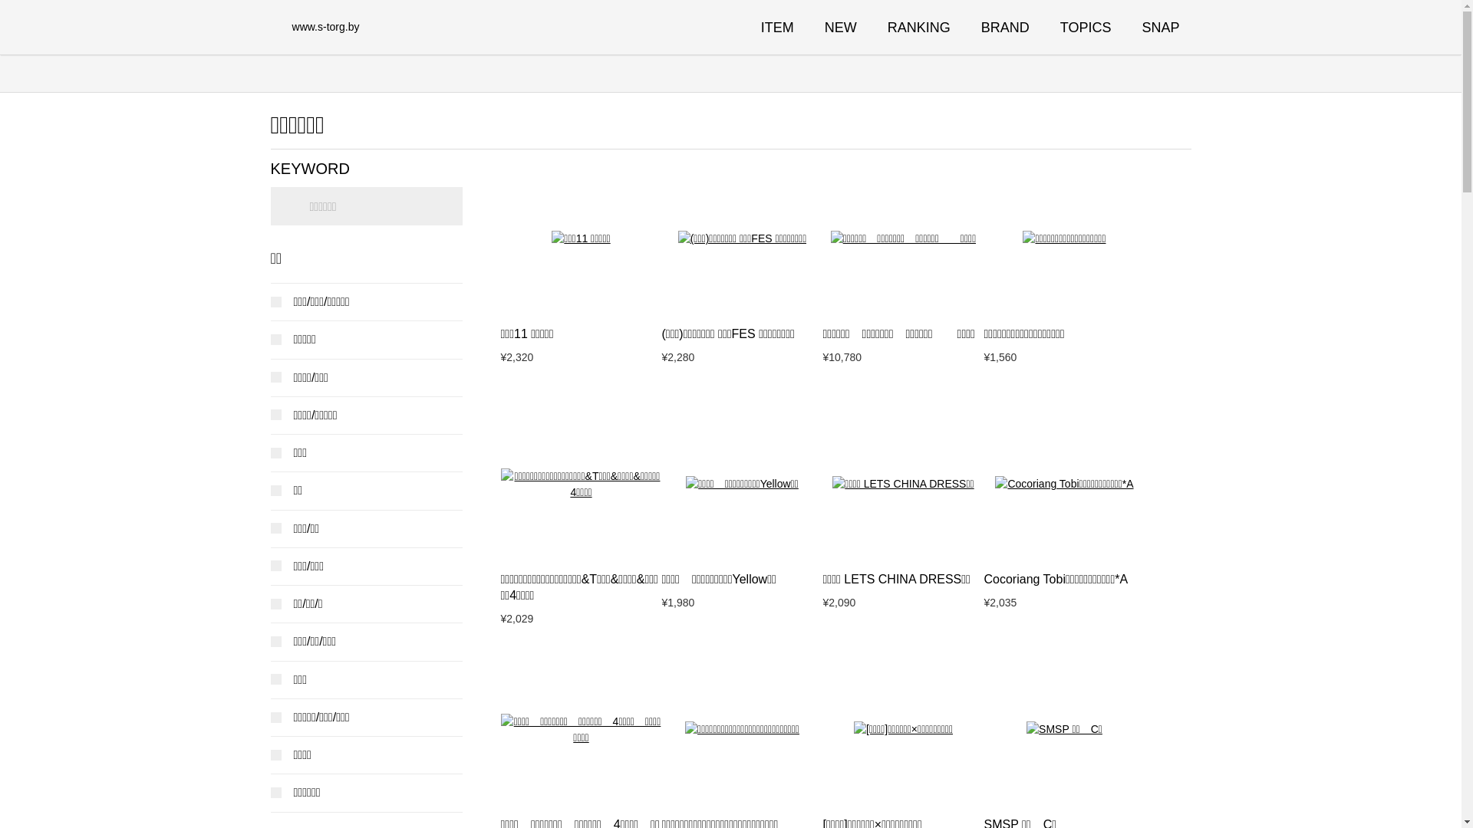 This screenshot has width=1473, height=828. I want to click on 'SNAP', so click(1160, 27).